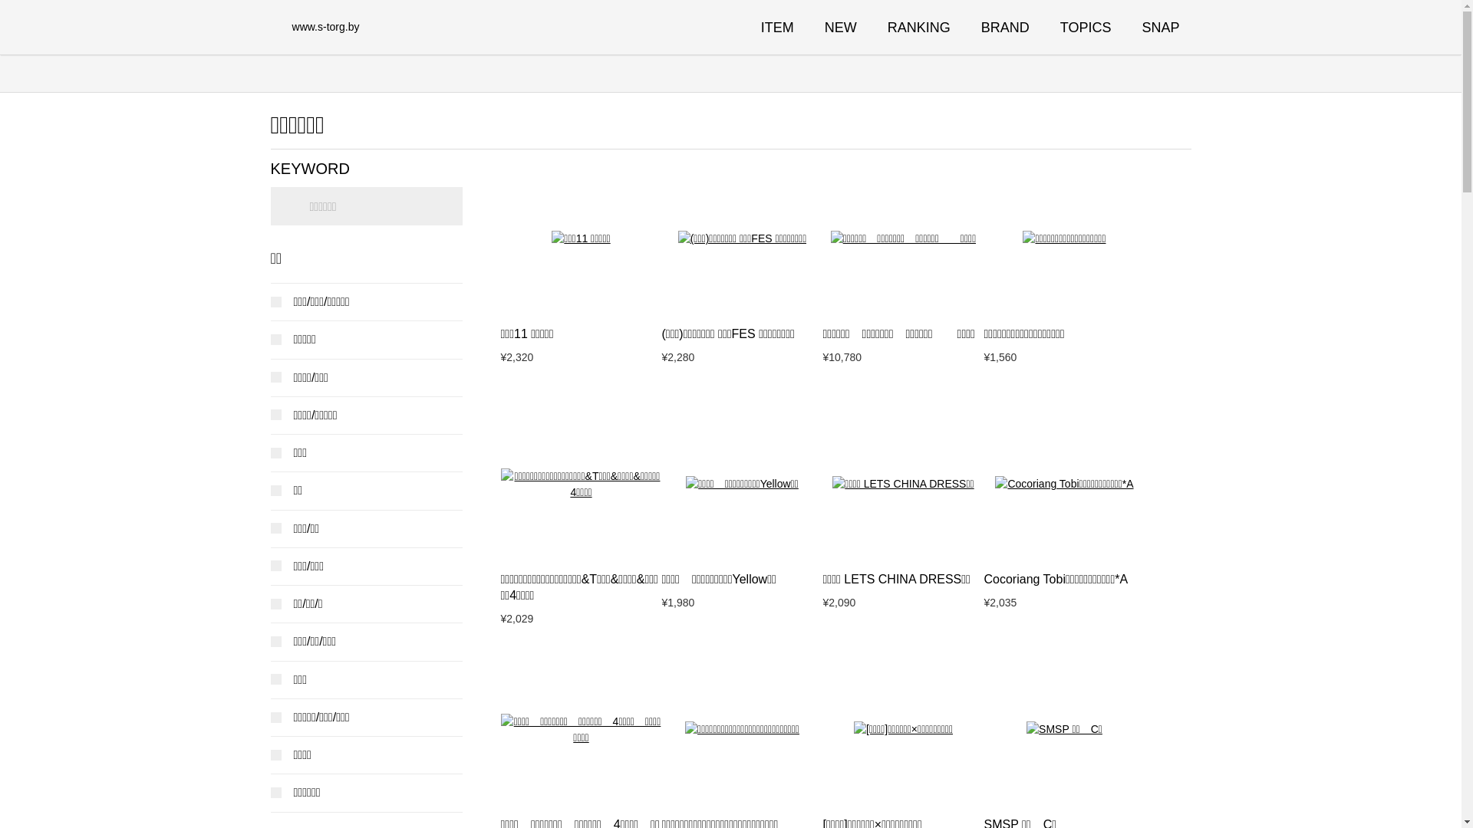 This screenshot has width=1473, height=828. I want to click on 'SNAP', so click(1160, 27).